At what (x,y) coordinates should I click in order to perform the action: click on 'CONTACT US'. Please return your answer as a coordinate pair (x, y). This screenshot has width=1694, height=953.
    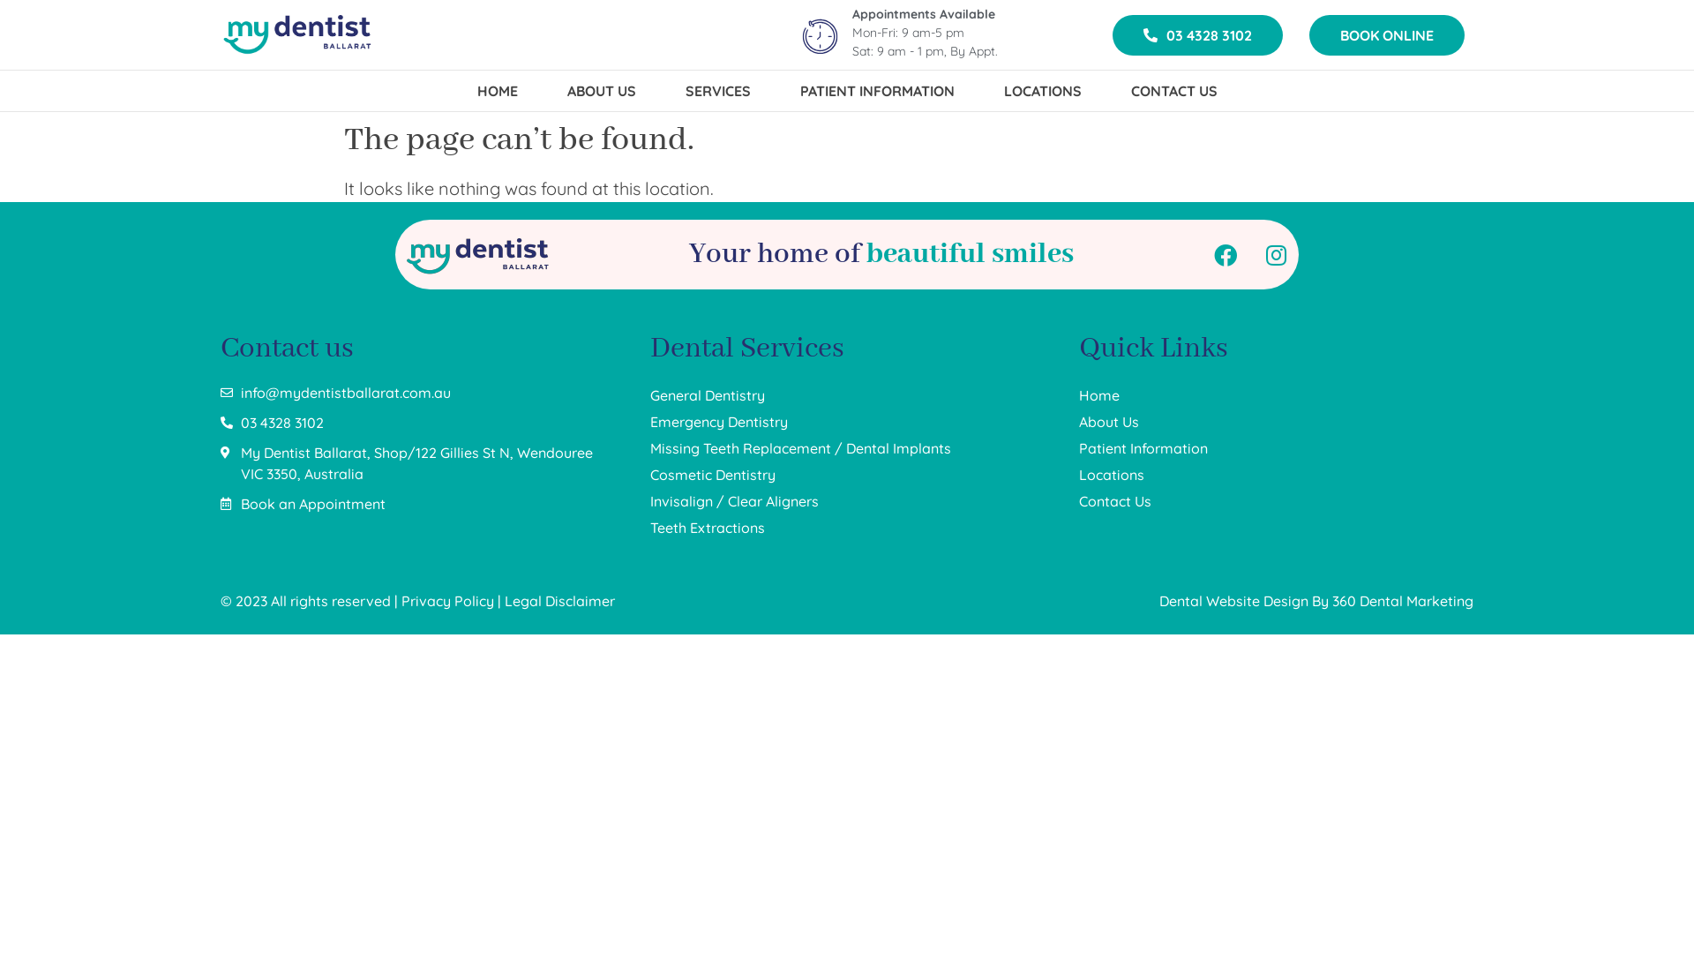
    Looking at the image, I should click on (1173, 91).